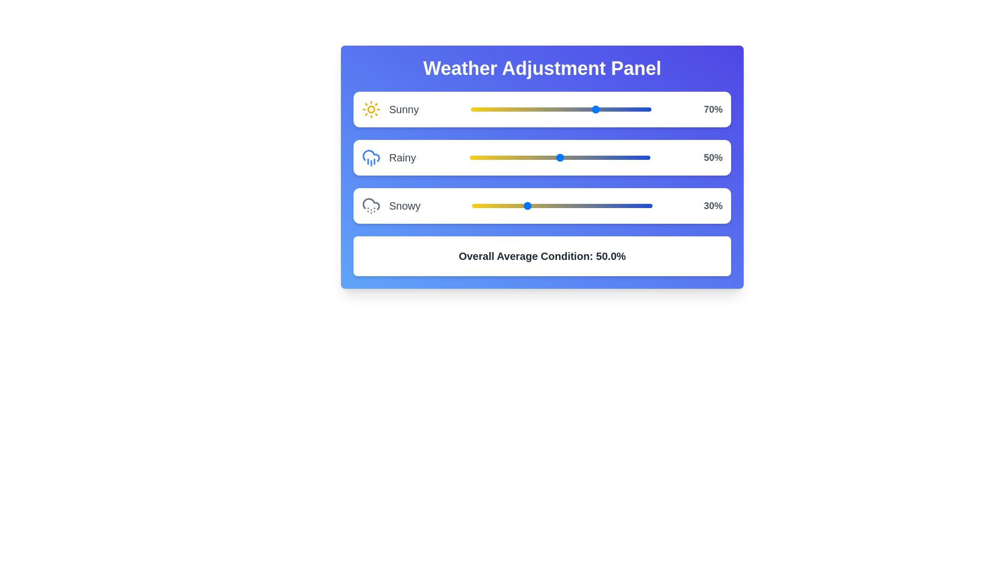  I want to click on the handle of the horizontal slider labeled 'Snowy', so click(542, 206).